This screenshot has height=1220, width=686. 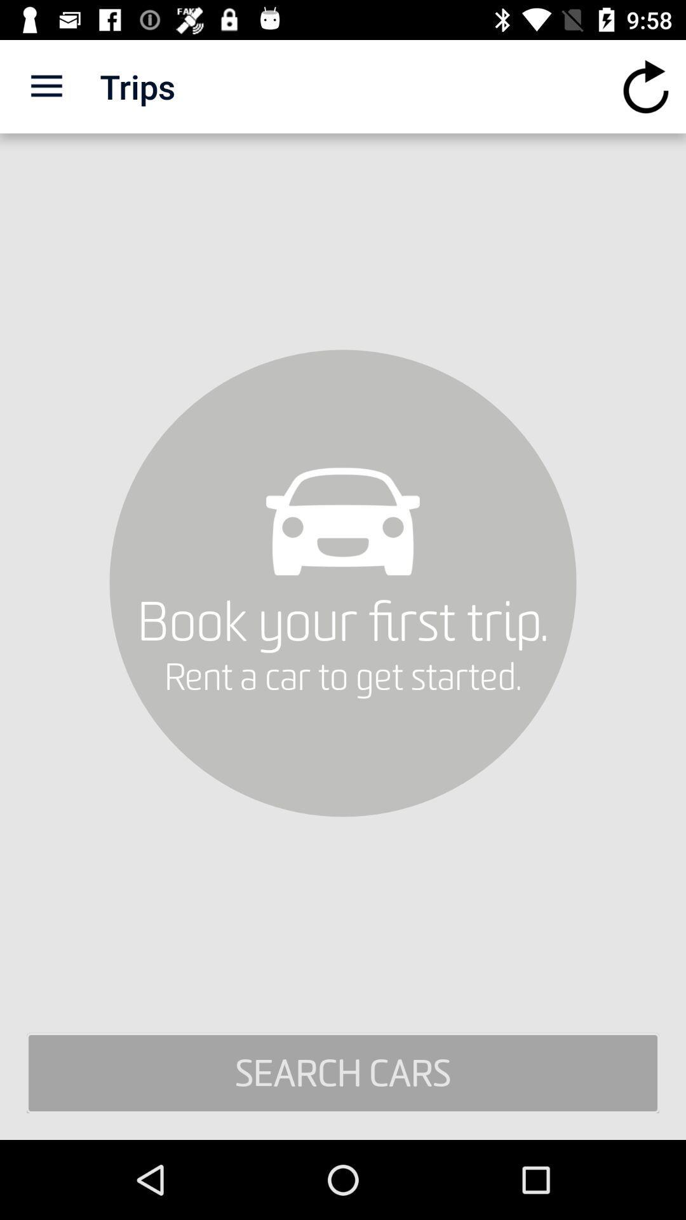 What do you see at coordinates (646, 86) in the screenshot?
I see `the item above the search cars icon` at bounding box center [646, 86].